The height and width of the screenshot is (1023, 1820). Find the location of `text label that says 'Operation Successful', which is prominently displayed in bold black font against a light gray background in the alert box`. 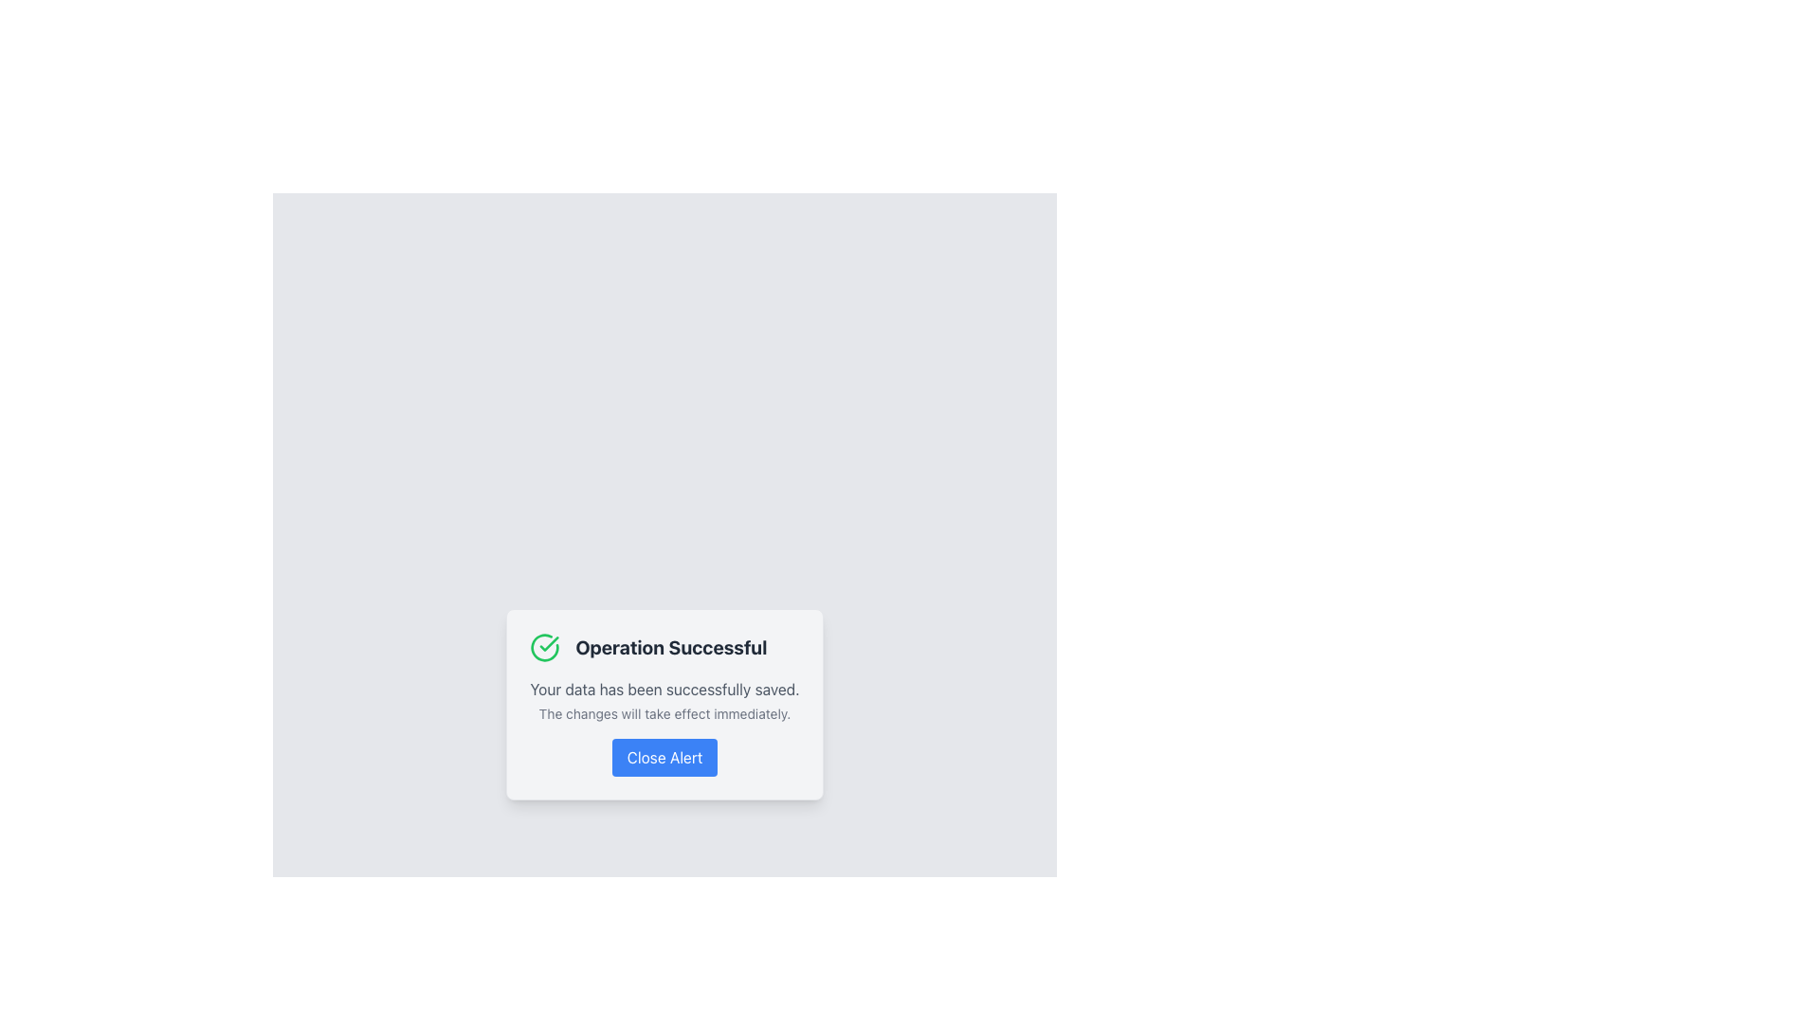

text label that says 'Operation Successful', which is prominently displayed in bold black font against a light gray background in the alert box is located at coordinates (671, 646).